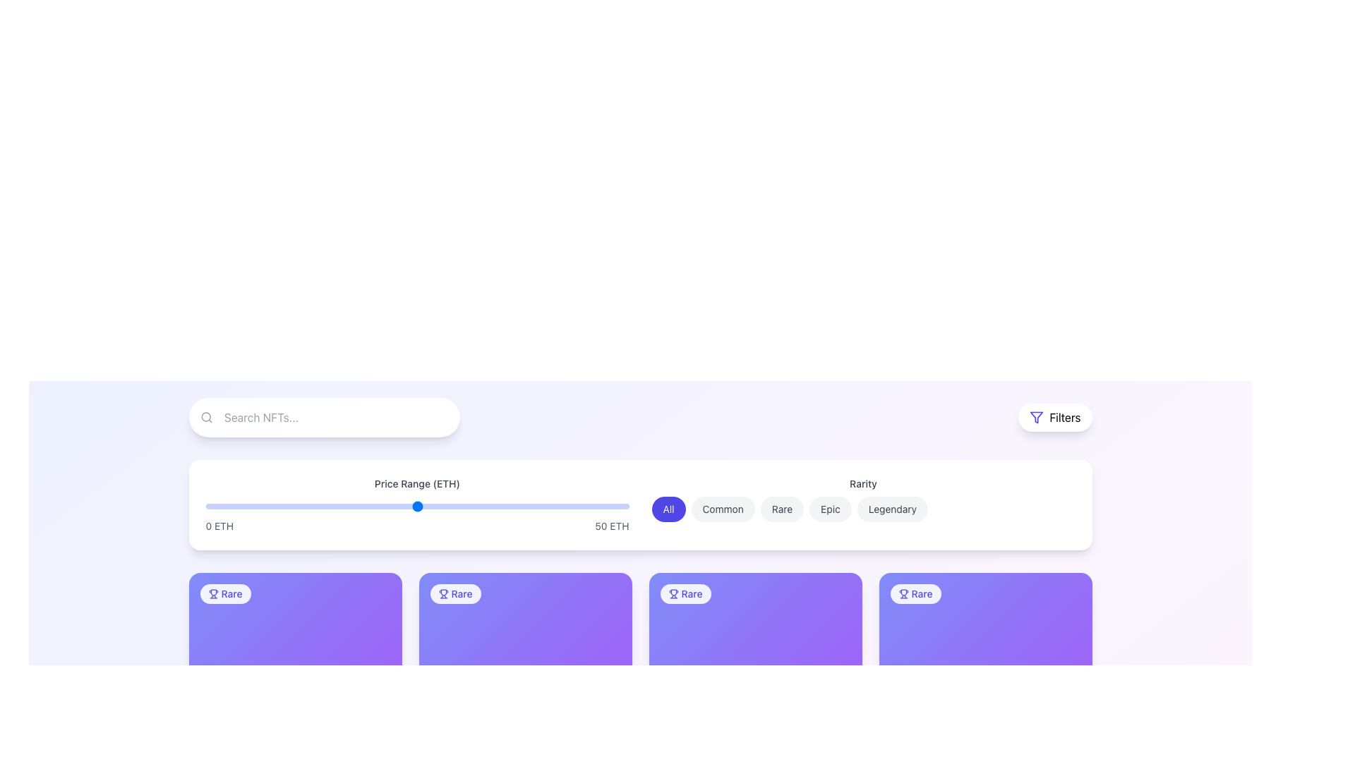 This screenshot has height=762, width=1355. What do you see at coordinates (416, 504) in the screenshot?
I see `the thumb of the 'Price Range (ETH)' slider` at bounding box center [416, 504].